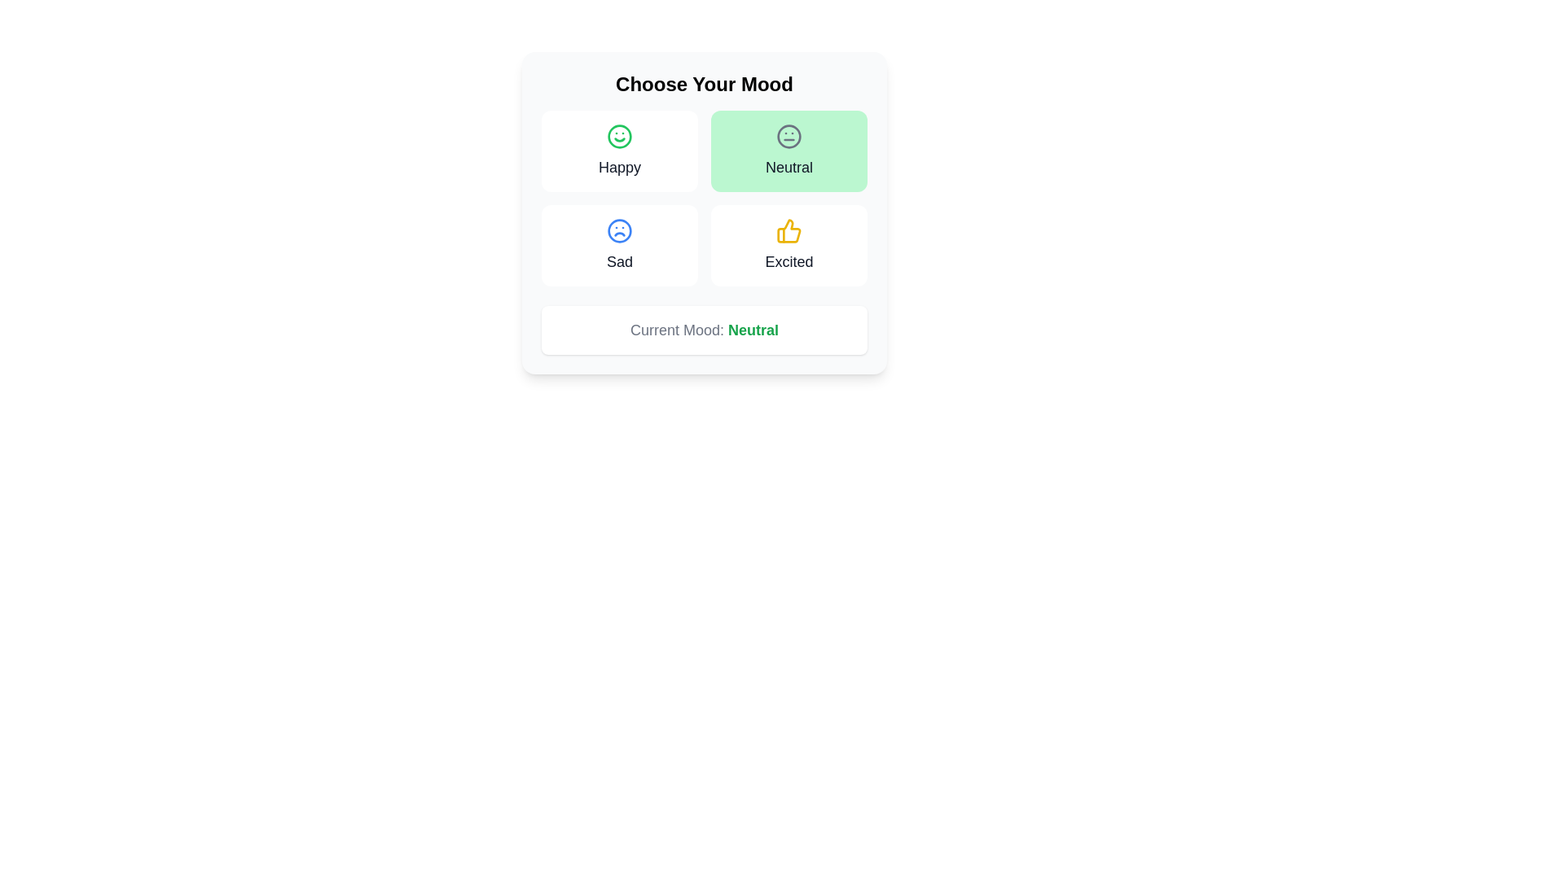 The image size is (1564, 879). Describe the element at coordinates (704, 330) in the screenshot. I see `Text Label that displays the summary of the currently selected mood, located at the bottom of the mood options card` at that location.